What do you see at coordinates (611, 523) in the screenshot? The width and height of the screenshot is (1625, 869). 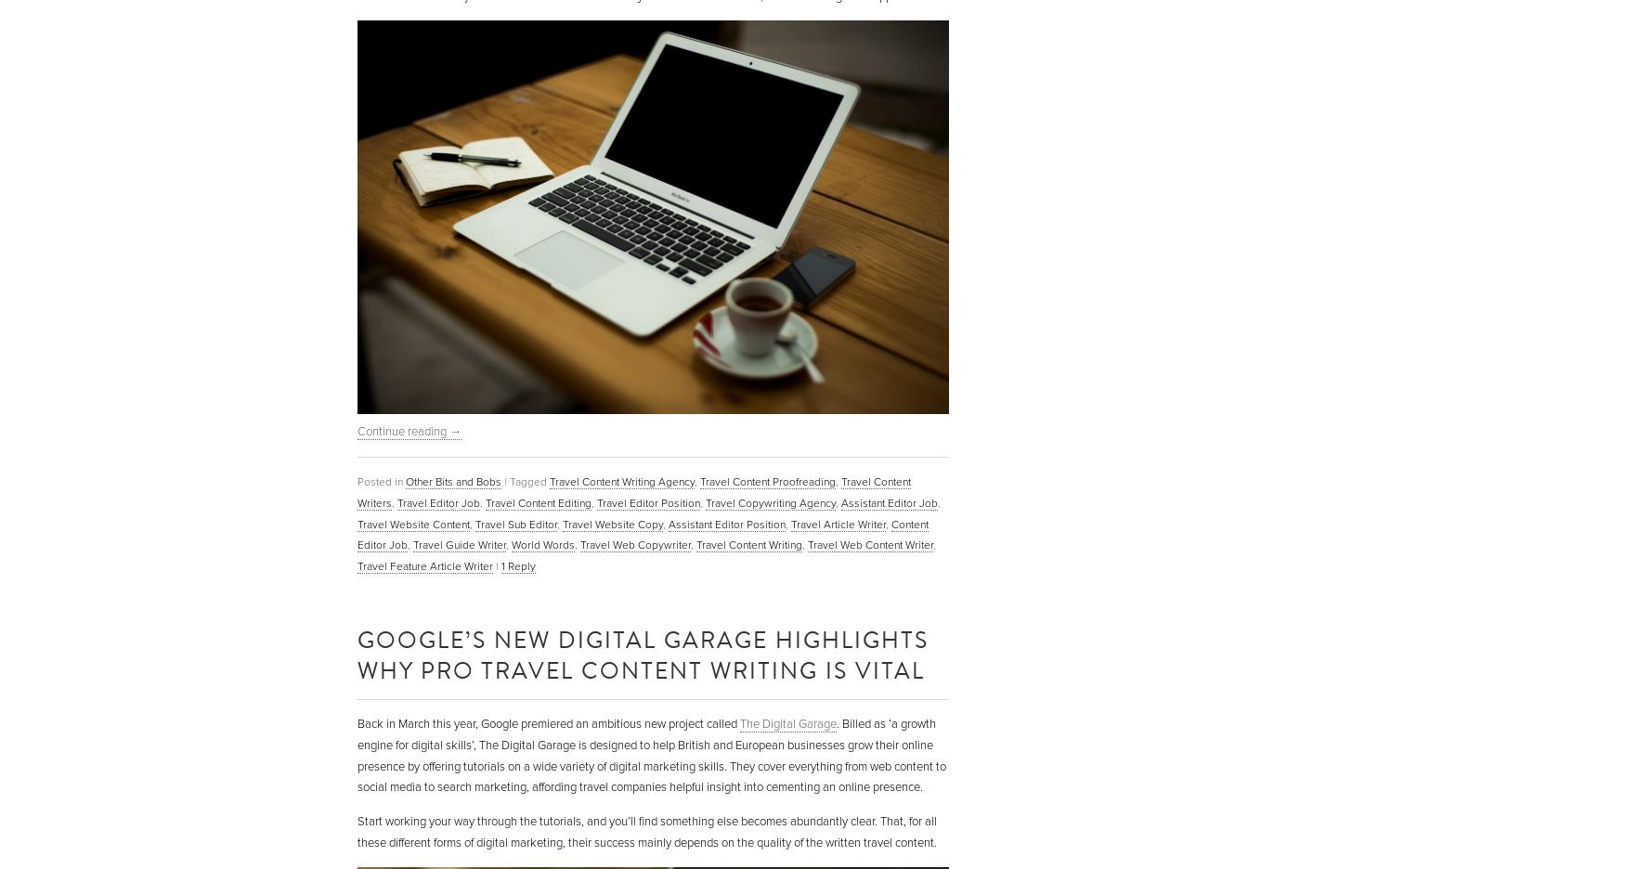 I see `'Travel Website Copy'` at bounding box center [611, 523].